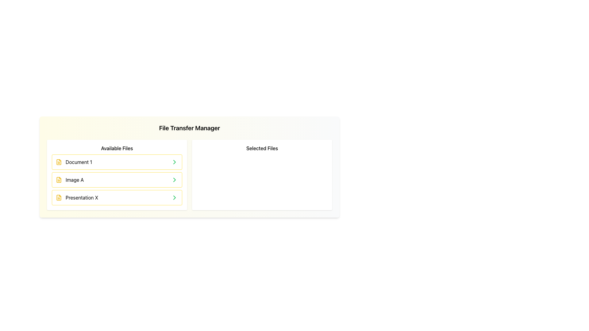 The image size is (589, 331). What do you see at coordinates (59, 162) in the screenshot?
I see `the yellow document-style icon associated with the first file entry labeled 'Document 1' in the 'Available Files' section` at bounding box center [59, 162].